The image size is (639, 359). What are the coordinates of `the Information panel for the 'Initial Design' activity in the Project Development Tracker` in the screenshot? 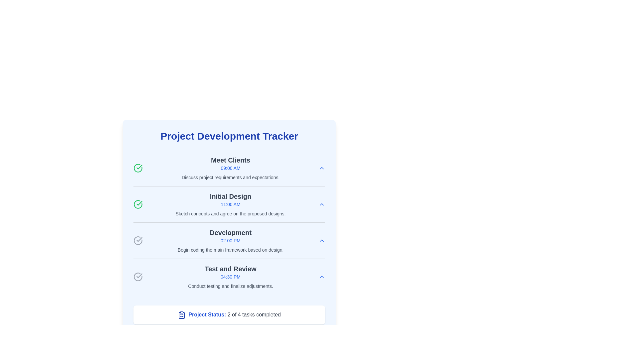 It's located at (230, 204).